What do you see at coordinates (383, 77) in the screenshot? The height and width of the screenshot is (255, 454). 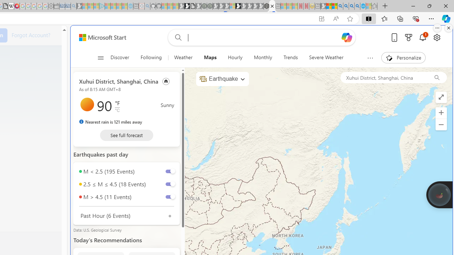 I see `'Xuhui District, Shanghai, China'` at bounding box center [383, 77].